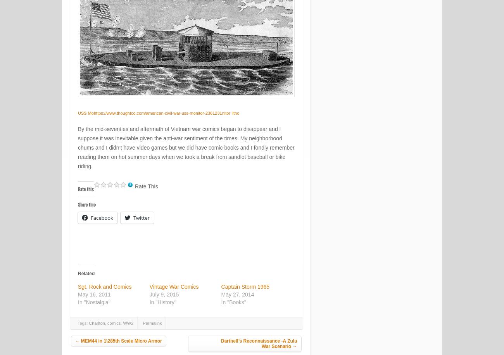  I want to click on 'Rate this:', so click(85, 189).